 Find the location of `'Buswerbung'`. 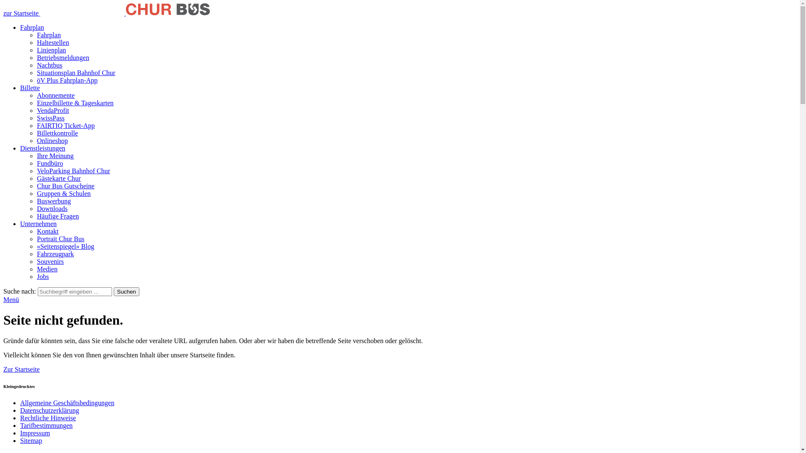

'Buswerbung' is located at coordinates (36, 201).